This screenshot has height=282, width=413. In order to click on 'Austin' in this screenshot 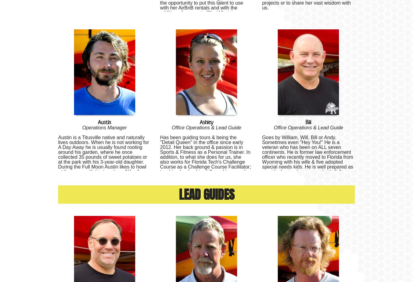, I will do `click(104, 122)`.